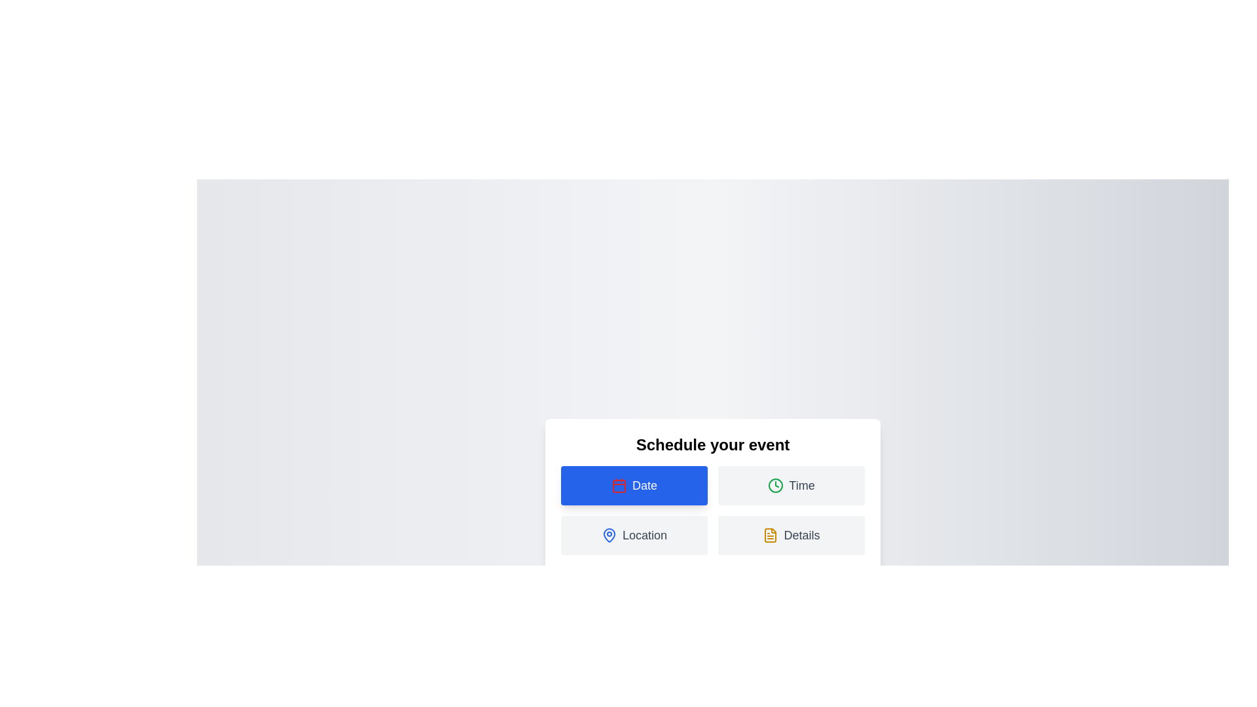  Describe the element at coordinates (801, 535) in the screenshot. I see `the text label associated with the 'Details' section, positioned in the right column of the second row in the grid layout` at that location.